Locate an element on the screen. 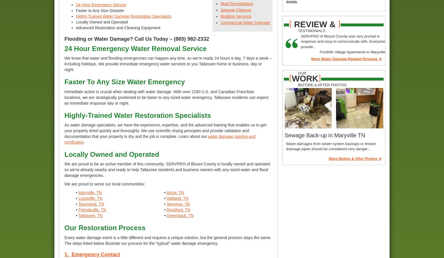 The width and height of the screenshot is (444, 258). 'Our Restoration Process' is located at coordinates (64, 228).